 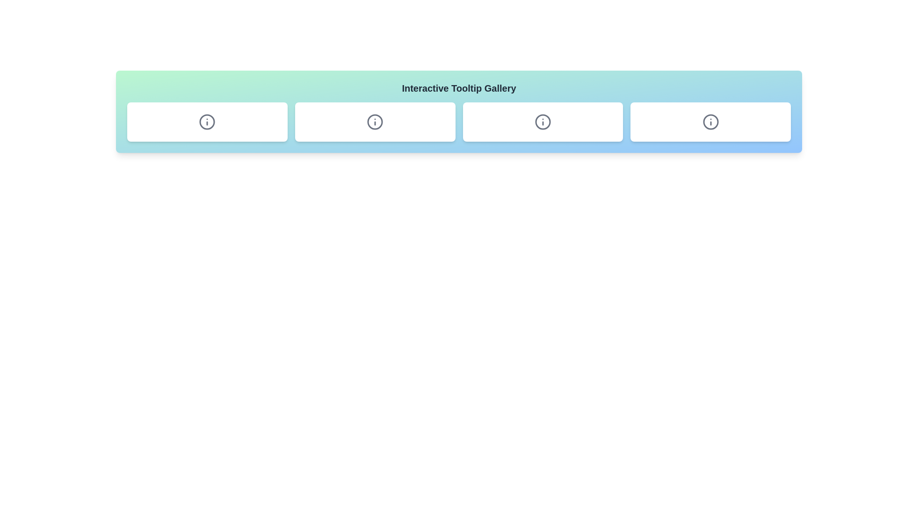 I want to click on the informational icon that is the third from the left in the 'Interactive Tooltip Gallery' layout, so click(x=543, y=122).